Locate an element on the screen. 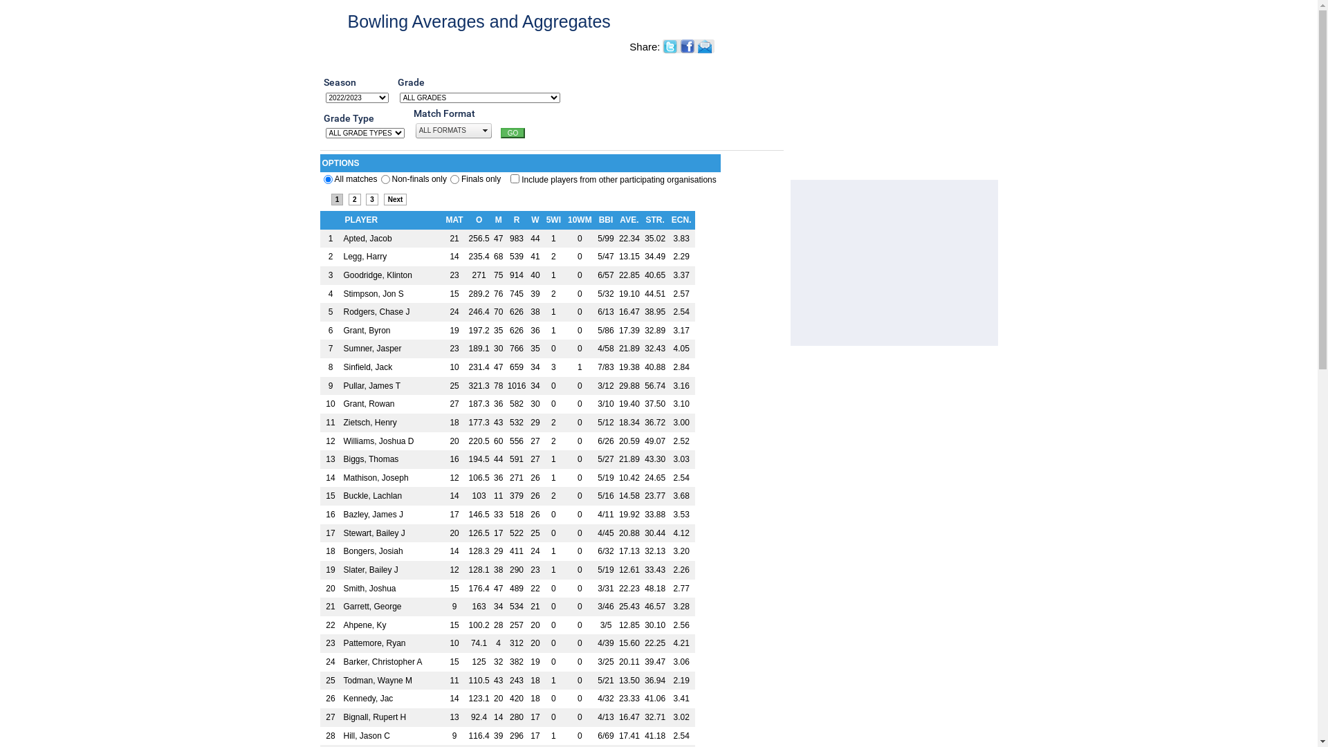 Image resolution: width=1328 pixels, height=747 pixels. '10 Grant, Rowan 27 187.3 36 582 30 0 0 3/10 19.40 37.50 3.10' is located at coordinates (506, 404).